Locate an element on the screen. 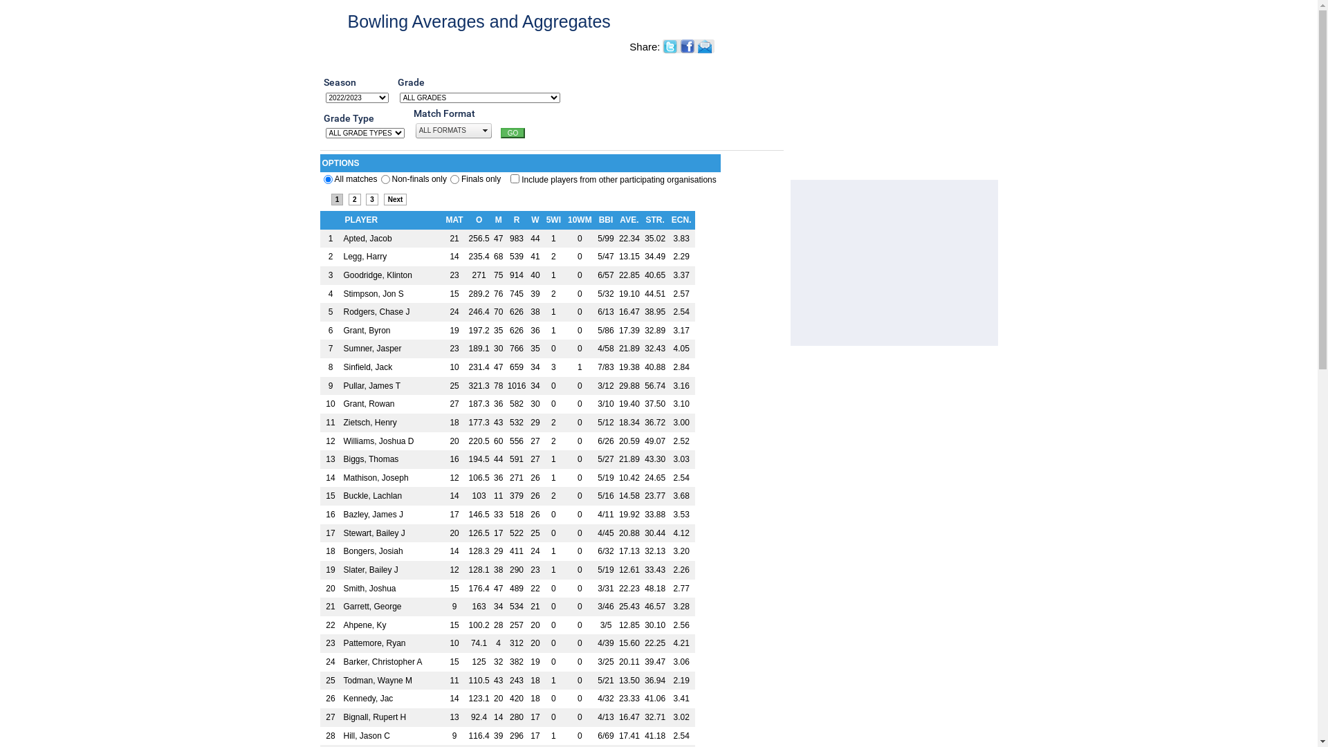 Image resolution: width=1328 pixels, height=747 pixels. '10 Grant, Rowan 27 187.3 36 582 30 0 0 3/10 19.40 37.50 3.10' is located at coordinates (506, 404).